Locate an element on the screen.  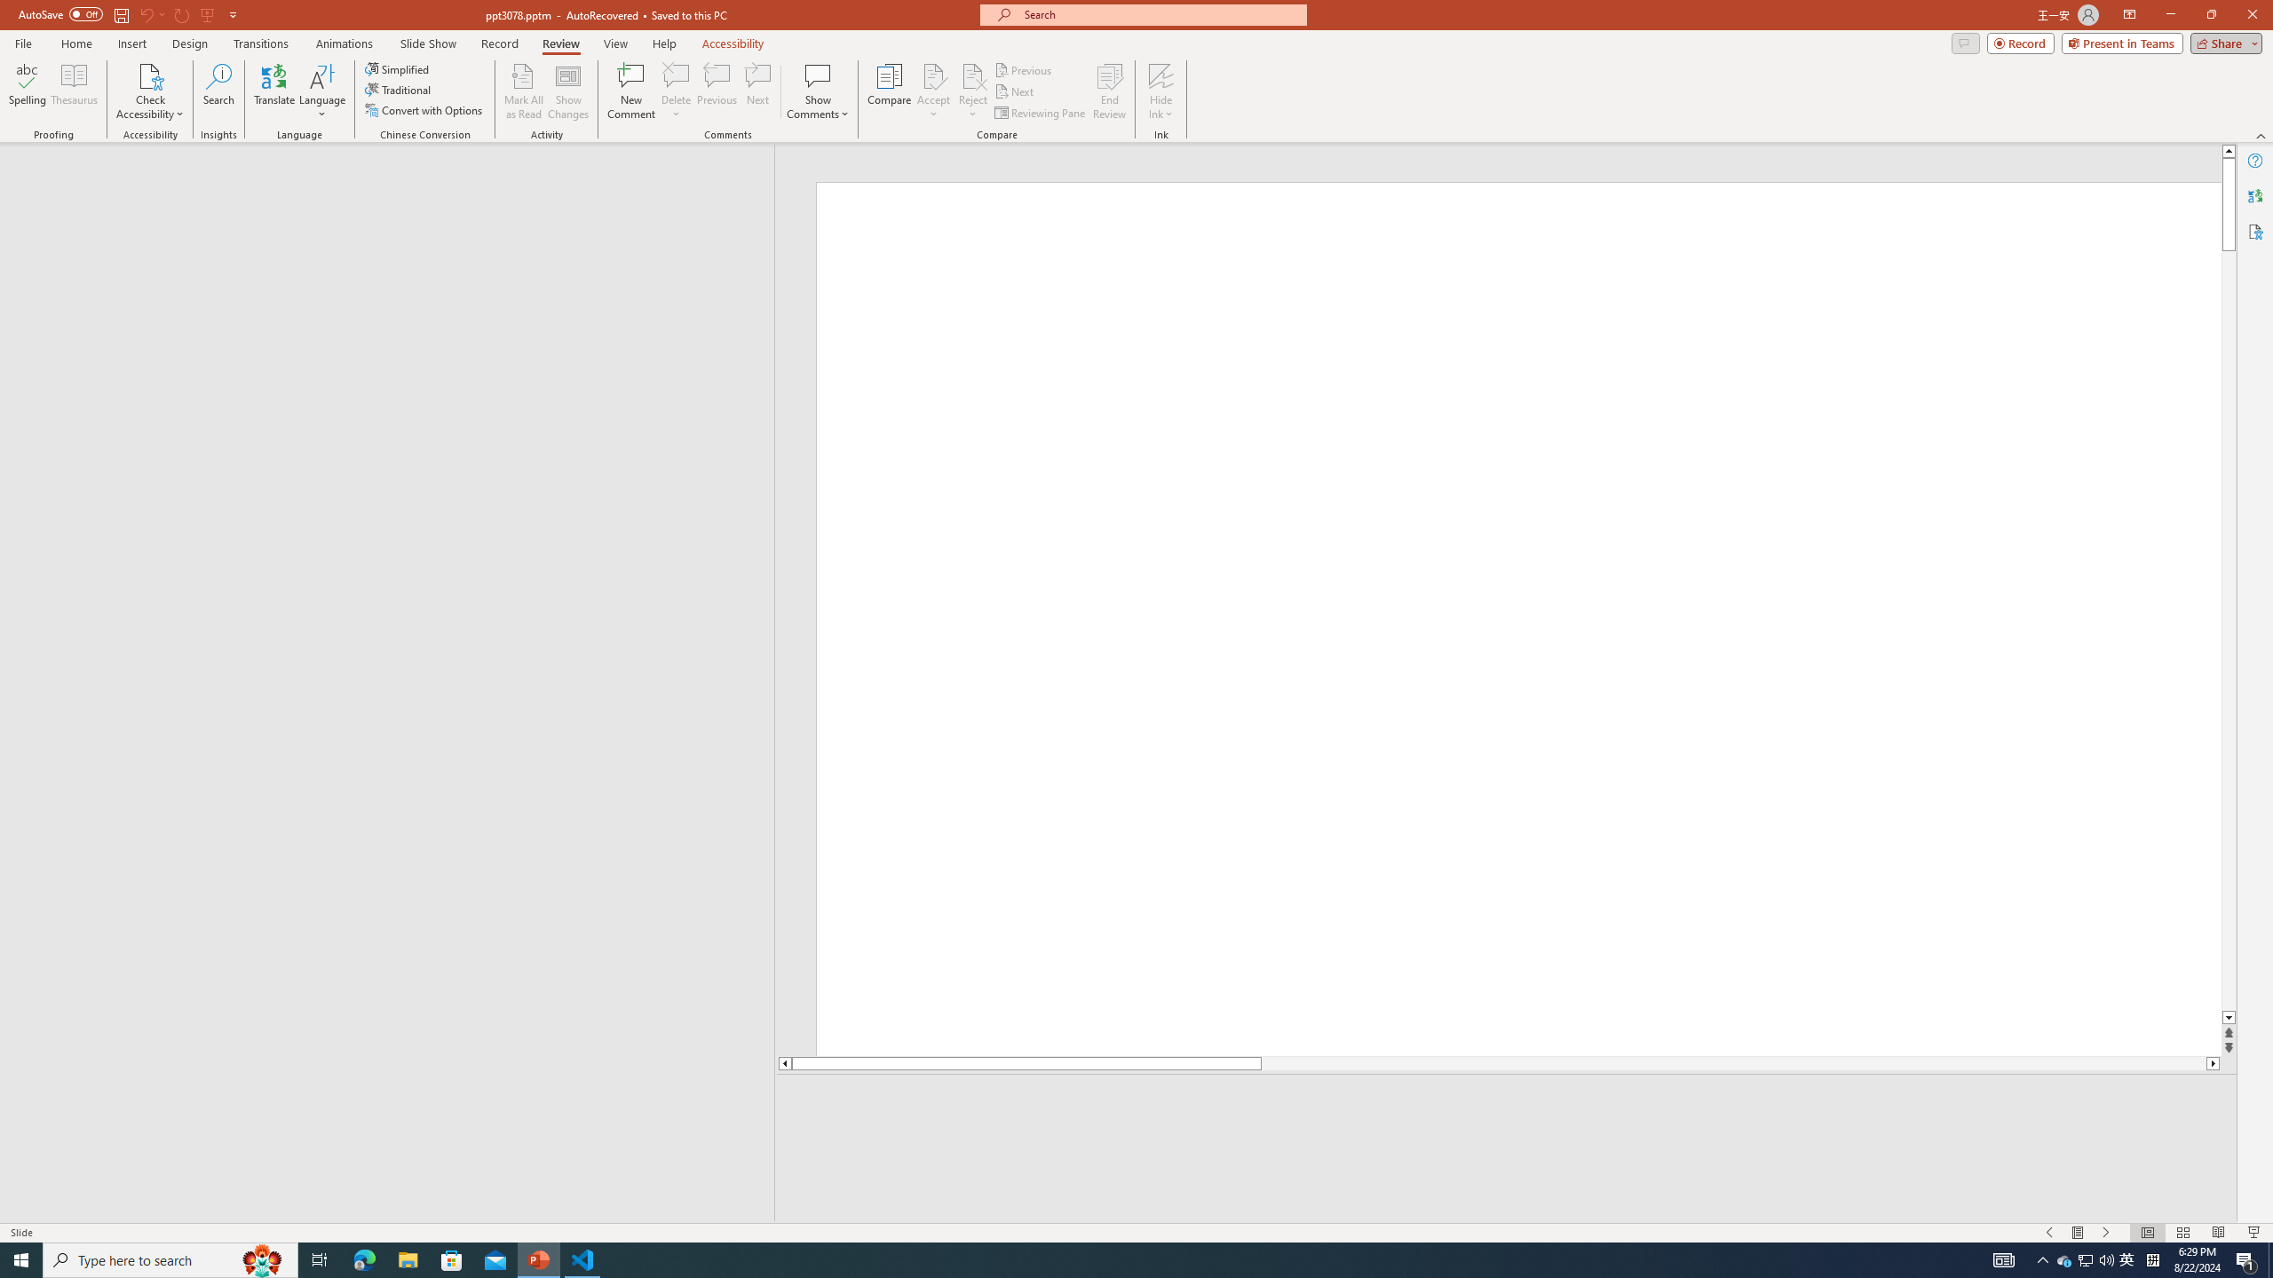
'Slide Show Next On' is located at coordinates (2106, 1233).